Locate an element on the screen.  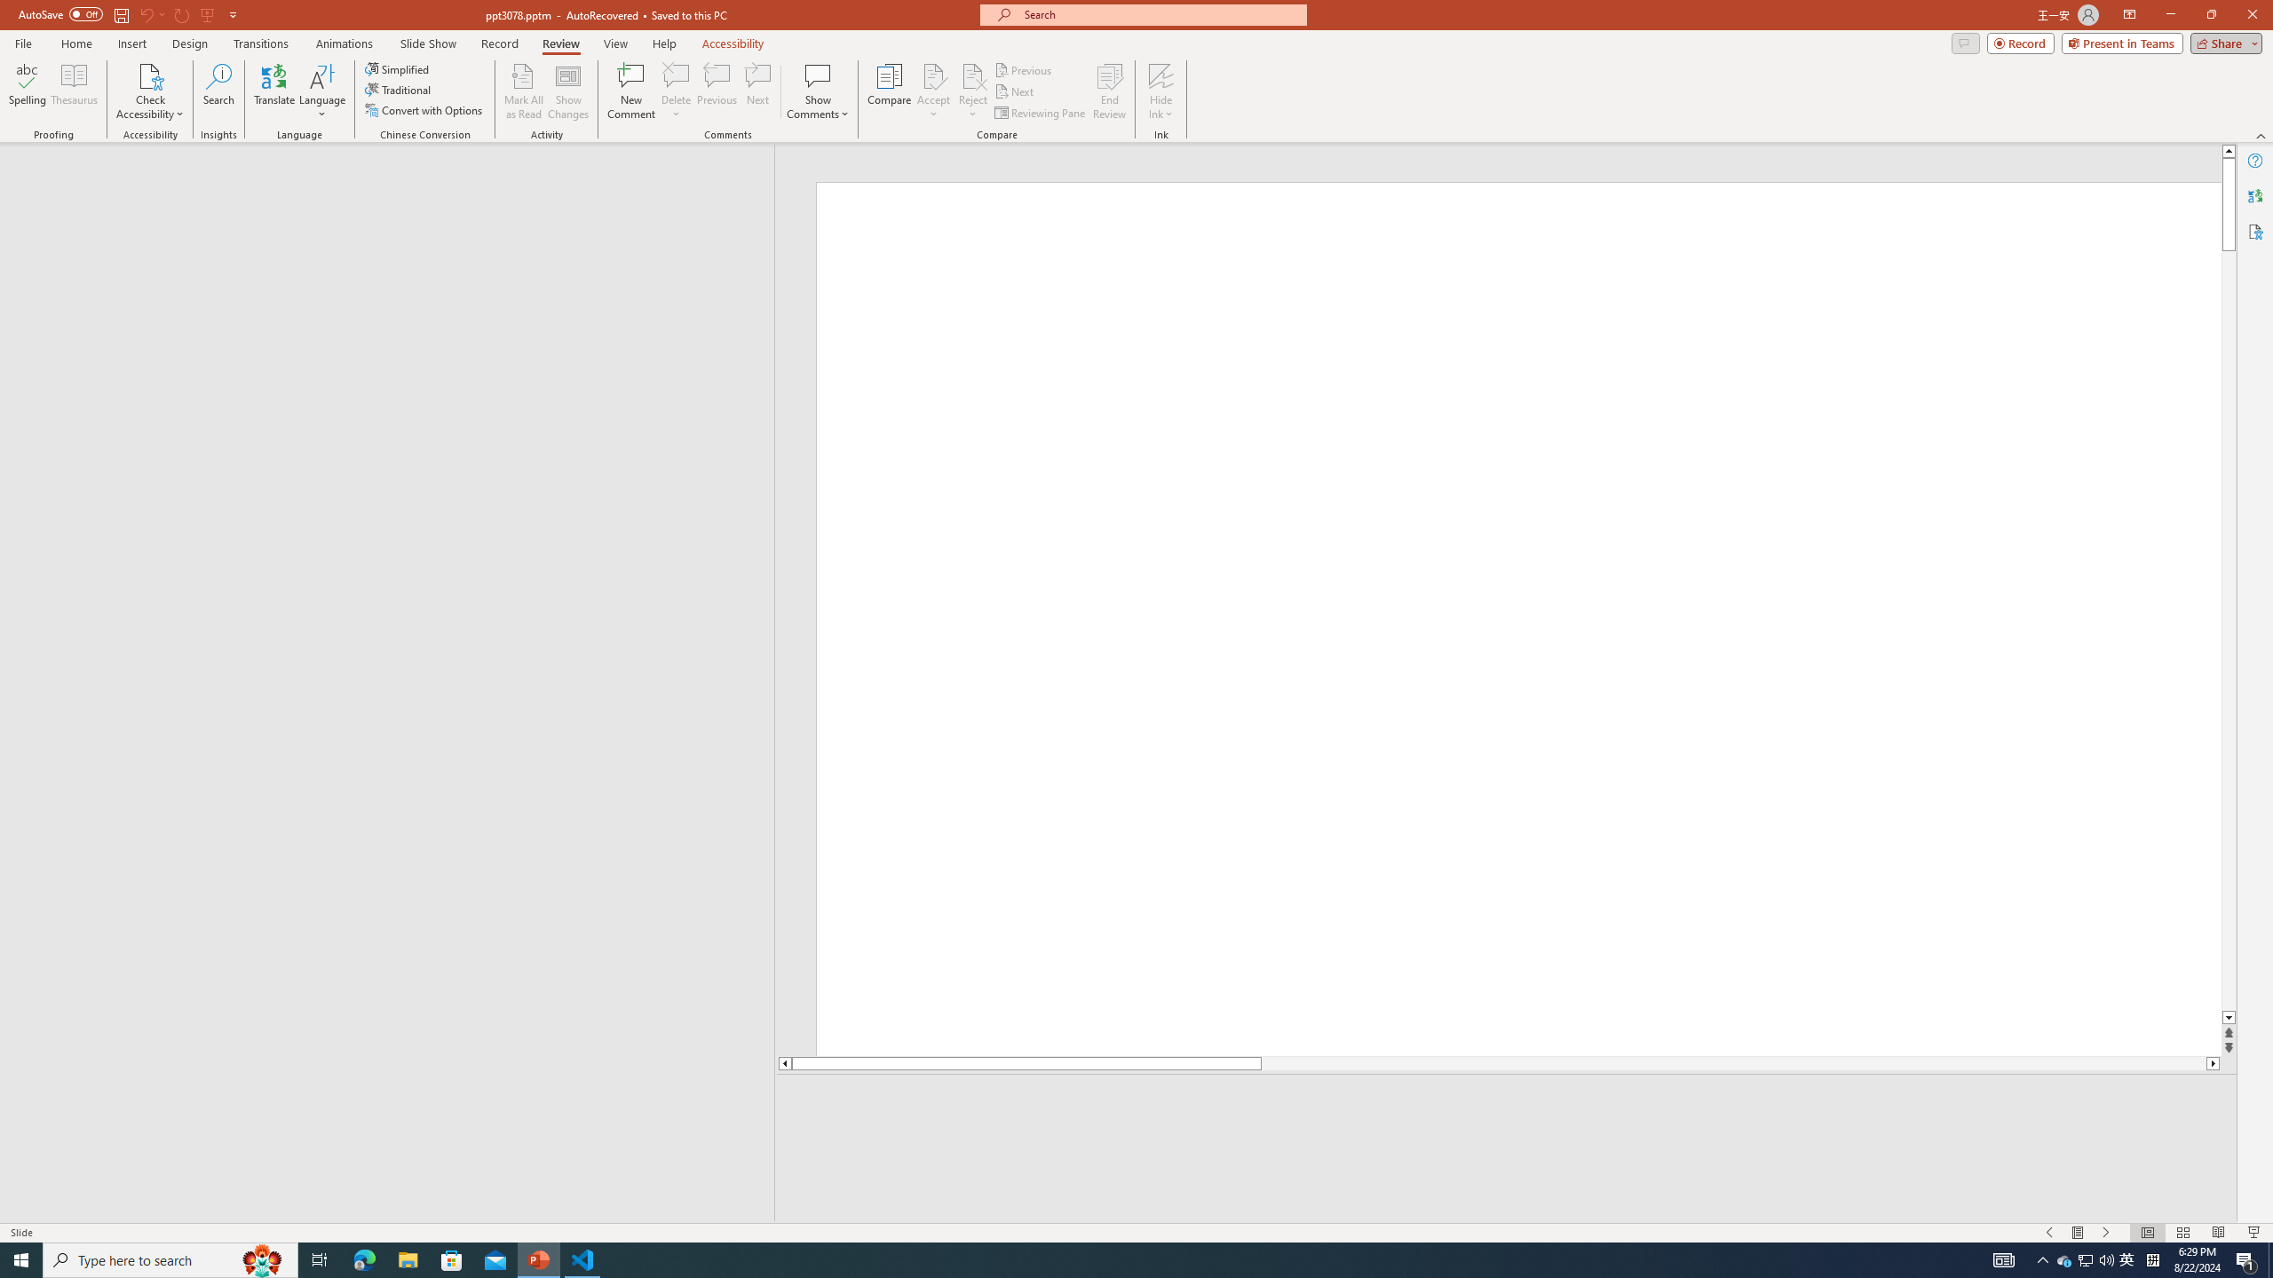
'Slide Show Next On' is located at coordinates (2106, 1233).